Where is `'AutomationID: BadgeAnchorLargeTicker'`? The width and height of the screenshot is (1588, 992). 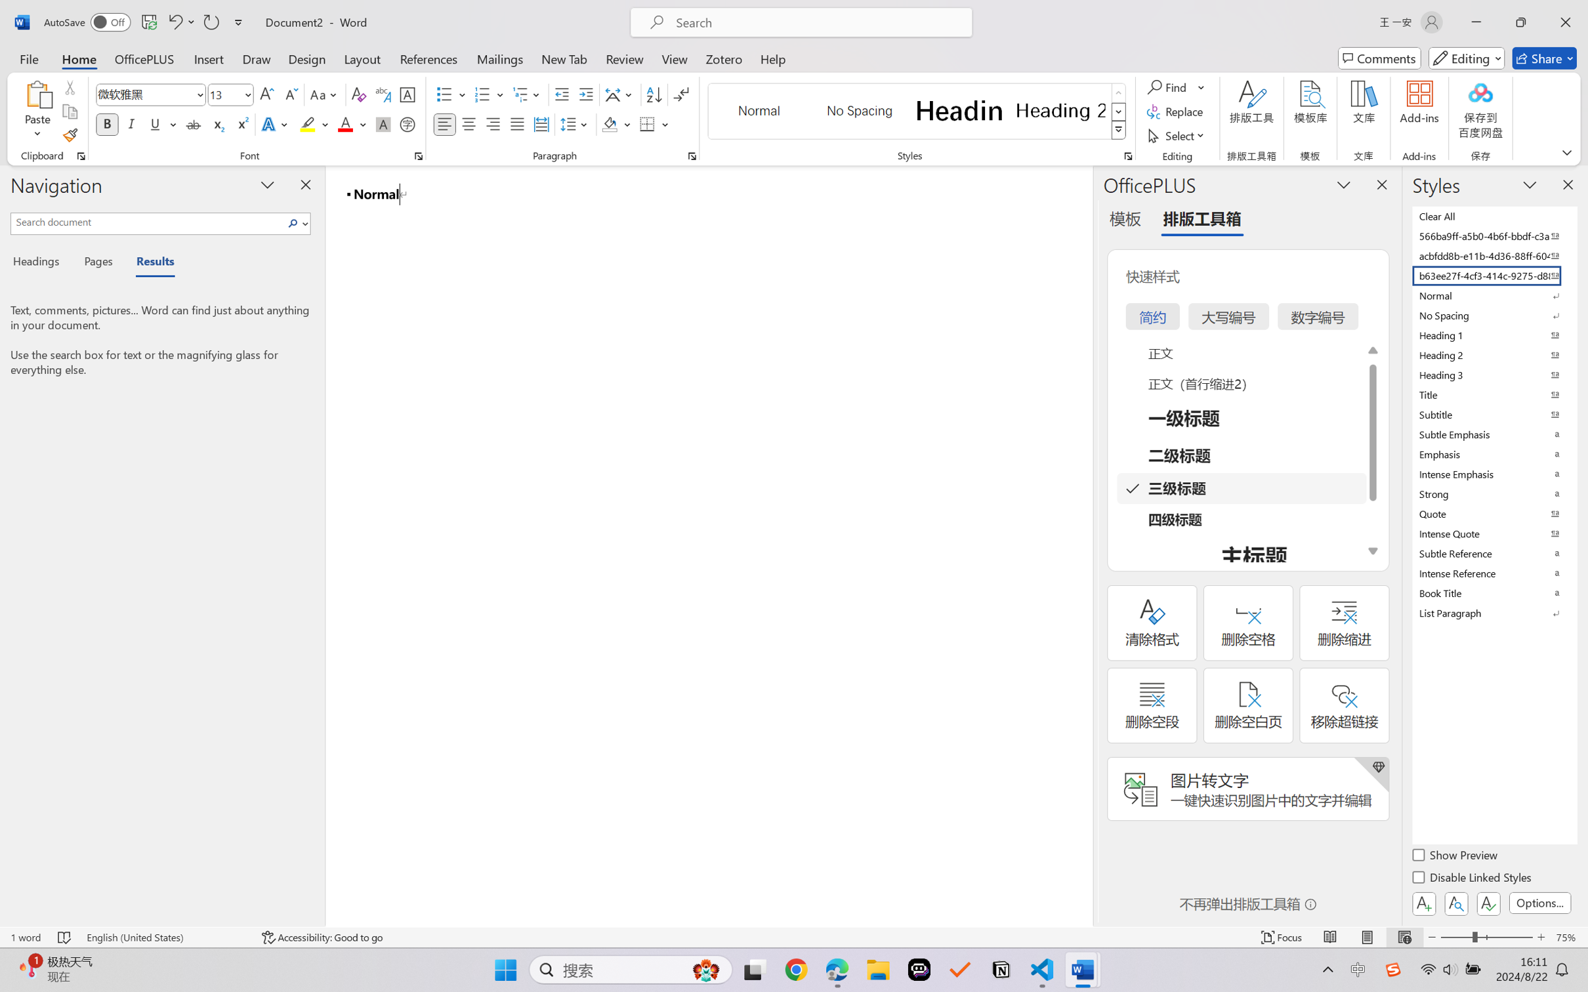 'AutomationID: BadgeAnchorLargeTicker' is located at coordinates (28, 968).